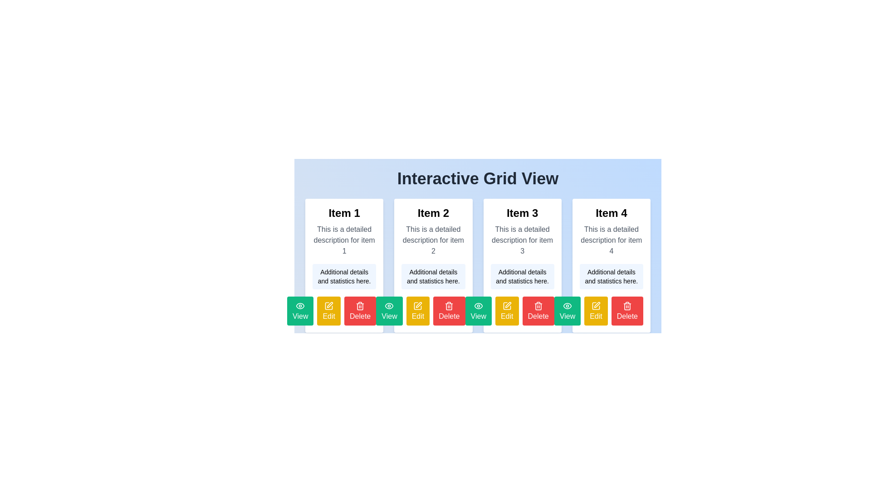 The width and height of the screenshot is (871, 489). Describe the element at coordinates (300, 306) in the screenshot. I see `the 'View' button, which contains the SVG icon representing the 'view' action for 'Item 1'` at that location.